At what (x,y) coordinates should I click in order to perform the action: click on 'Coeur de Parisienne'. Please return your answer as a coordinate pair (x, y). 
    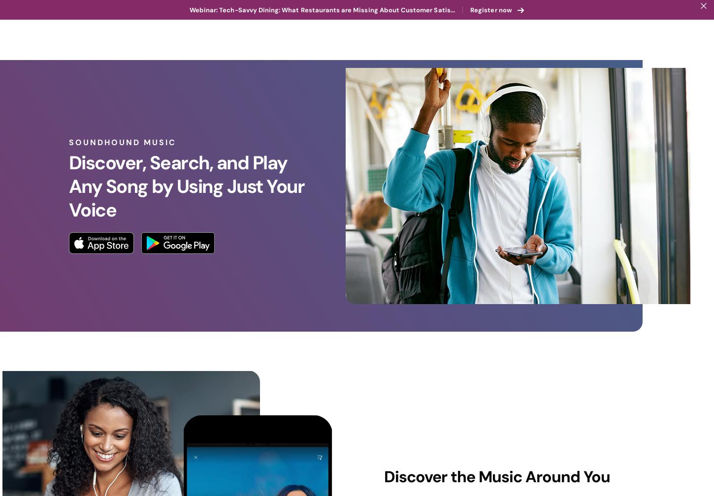
    Looking at the image, I should click on (318, 451).